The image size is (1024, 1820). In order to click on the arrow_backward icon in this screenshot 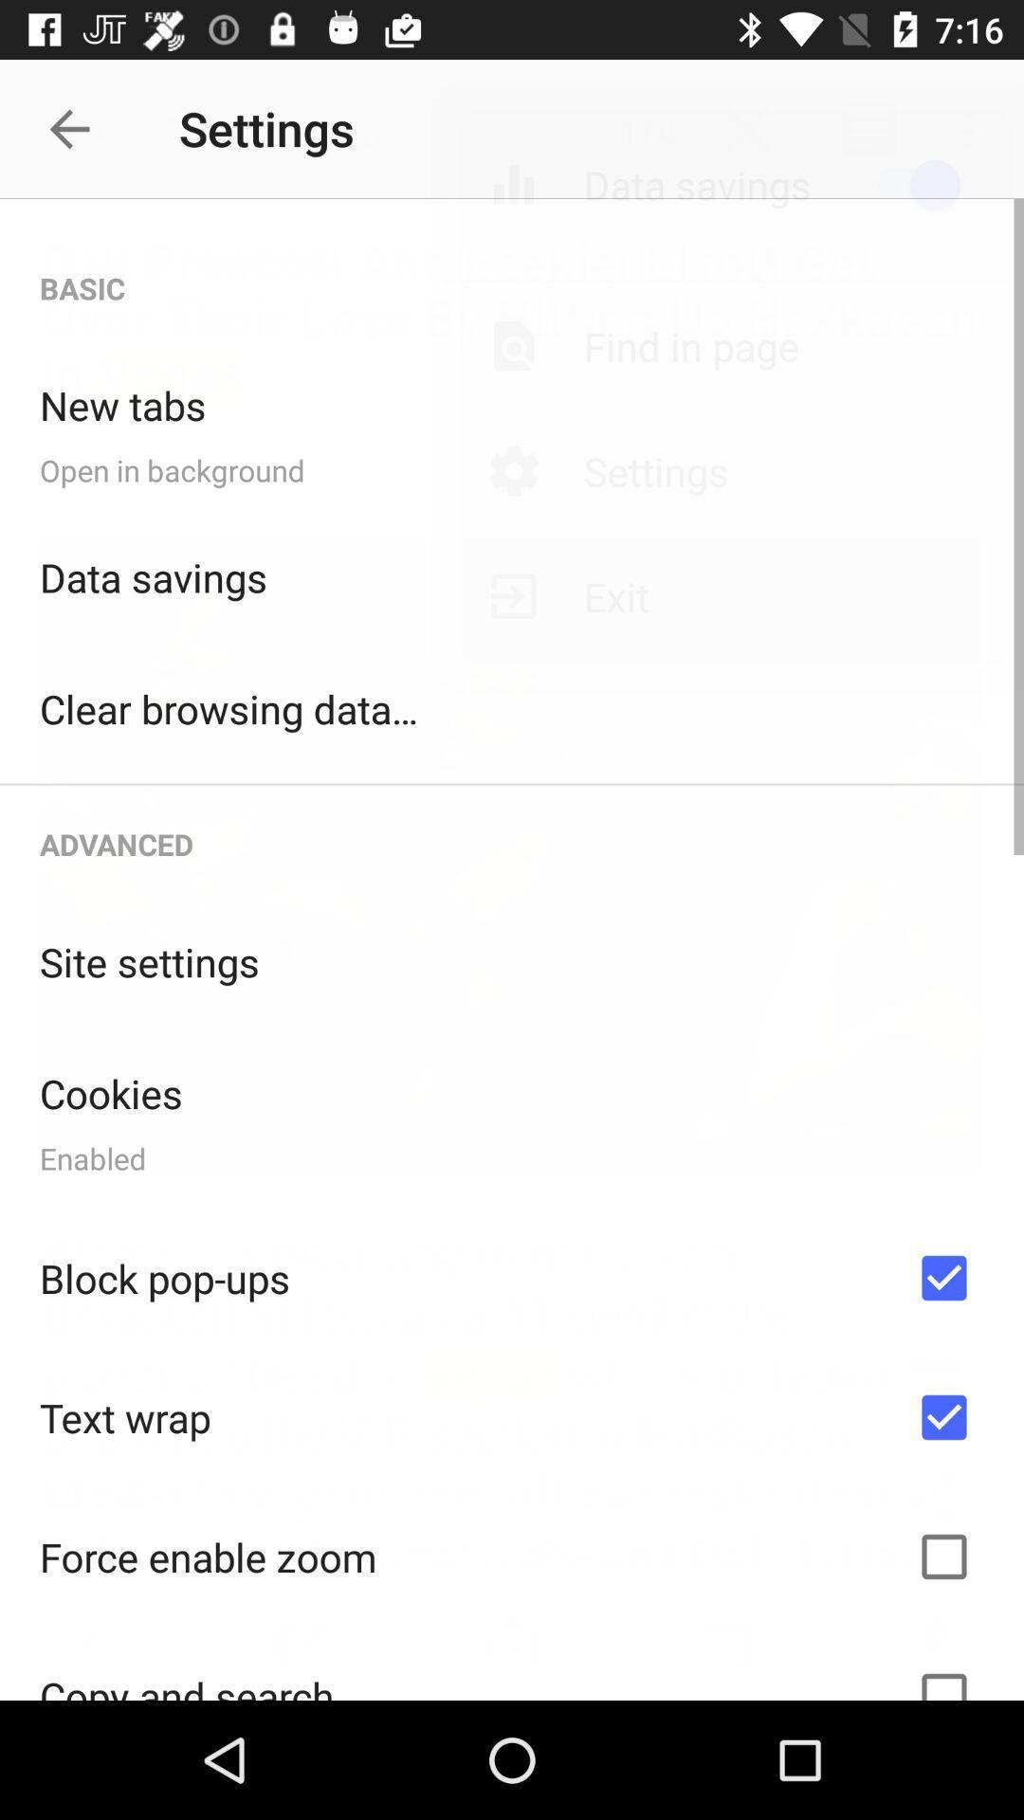, I will do `click(79, 128)`.